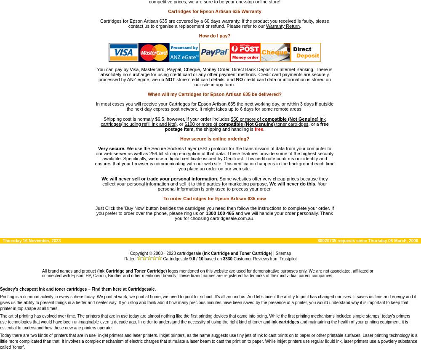  I want to click on 'NOT', so click(165, 79).